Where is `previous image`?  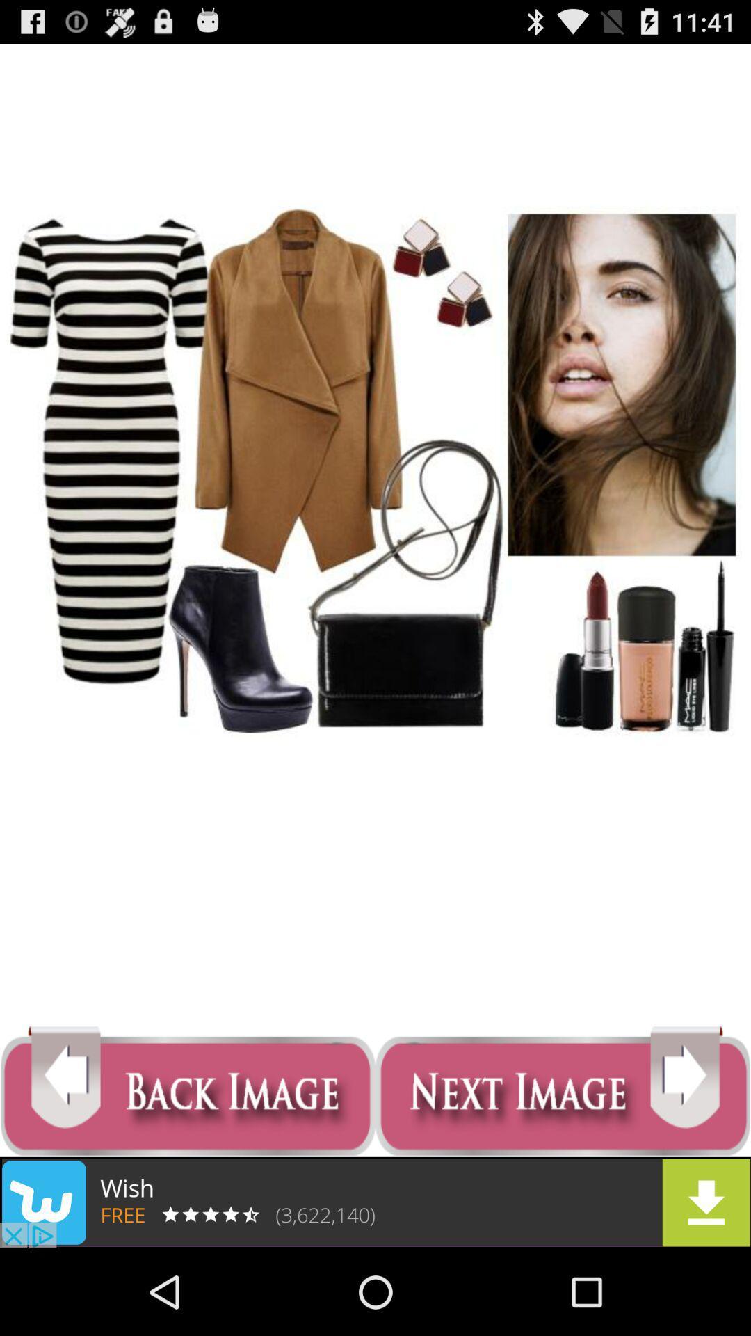 previous image is located at coordinates (188, 1091).